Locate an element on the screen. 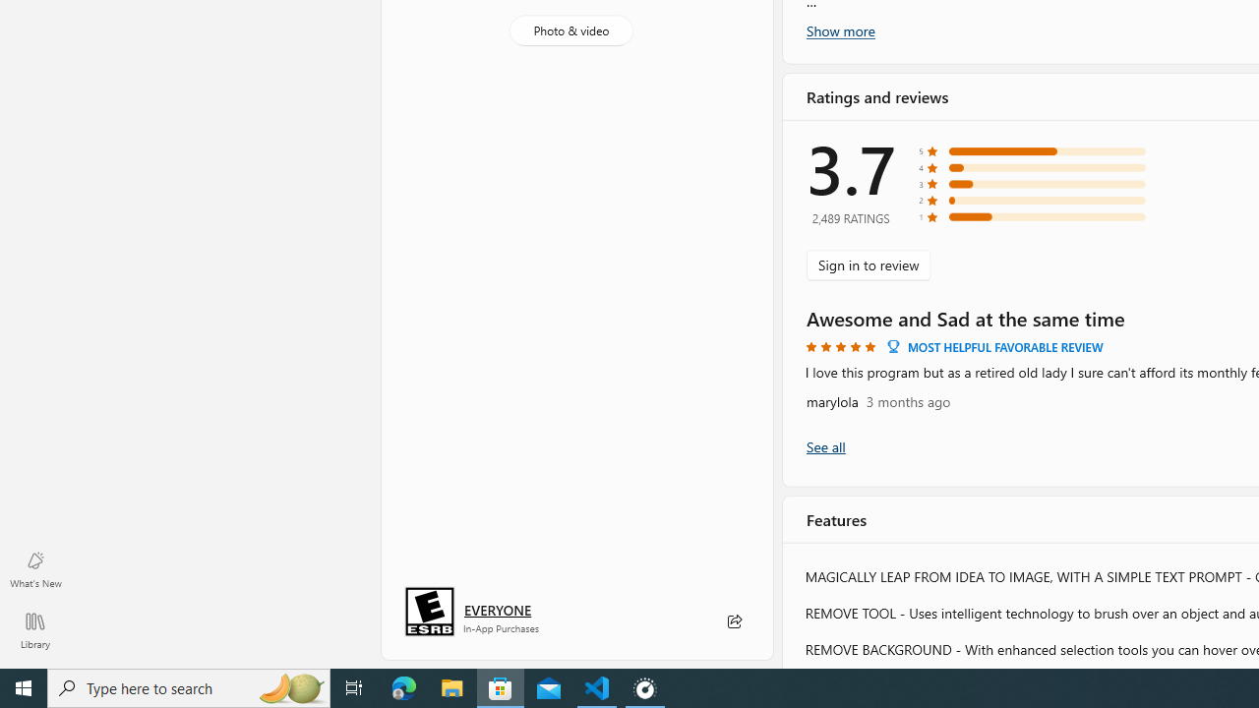 The image size is (1259, 708). 'Sign in to review' is located at coordinates (868, 264).